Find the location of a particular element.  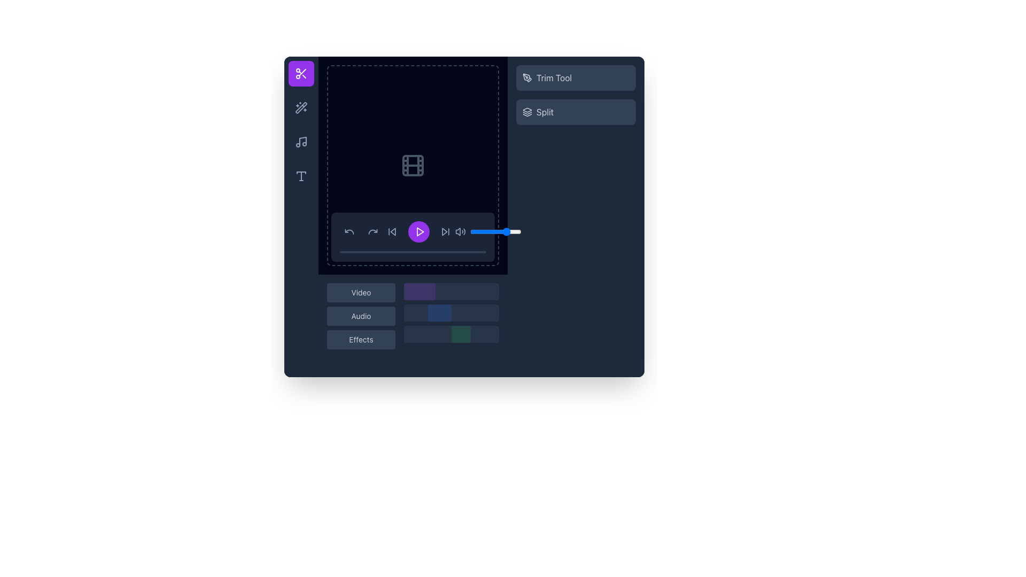

the 'skip forward' button located in the toolbar at the bottom of the interface, positioned to the right of the purple play button and left of the speaker icon, to skip forward is located at coordinates (446, 231).